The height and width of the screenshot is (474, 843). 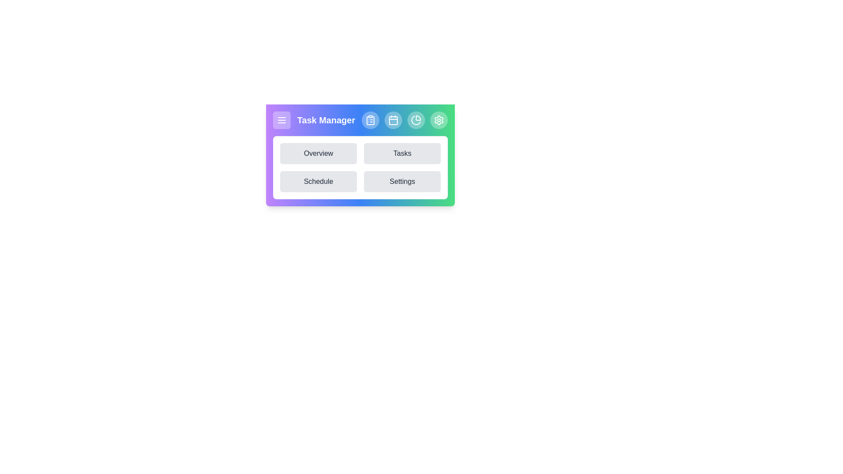 What do you see at coordinates (318, 153) in the screenshot?
I see `the Overview navigation button` at bounding box center [318, 153].